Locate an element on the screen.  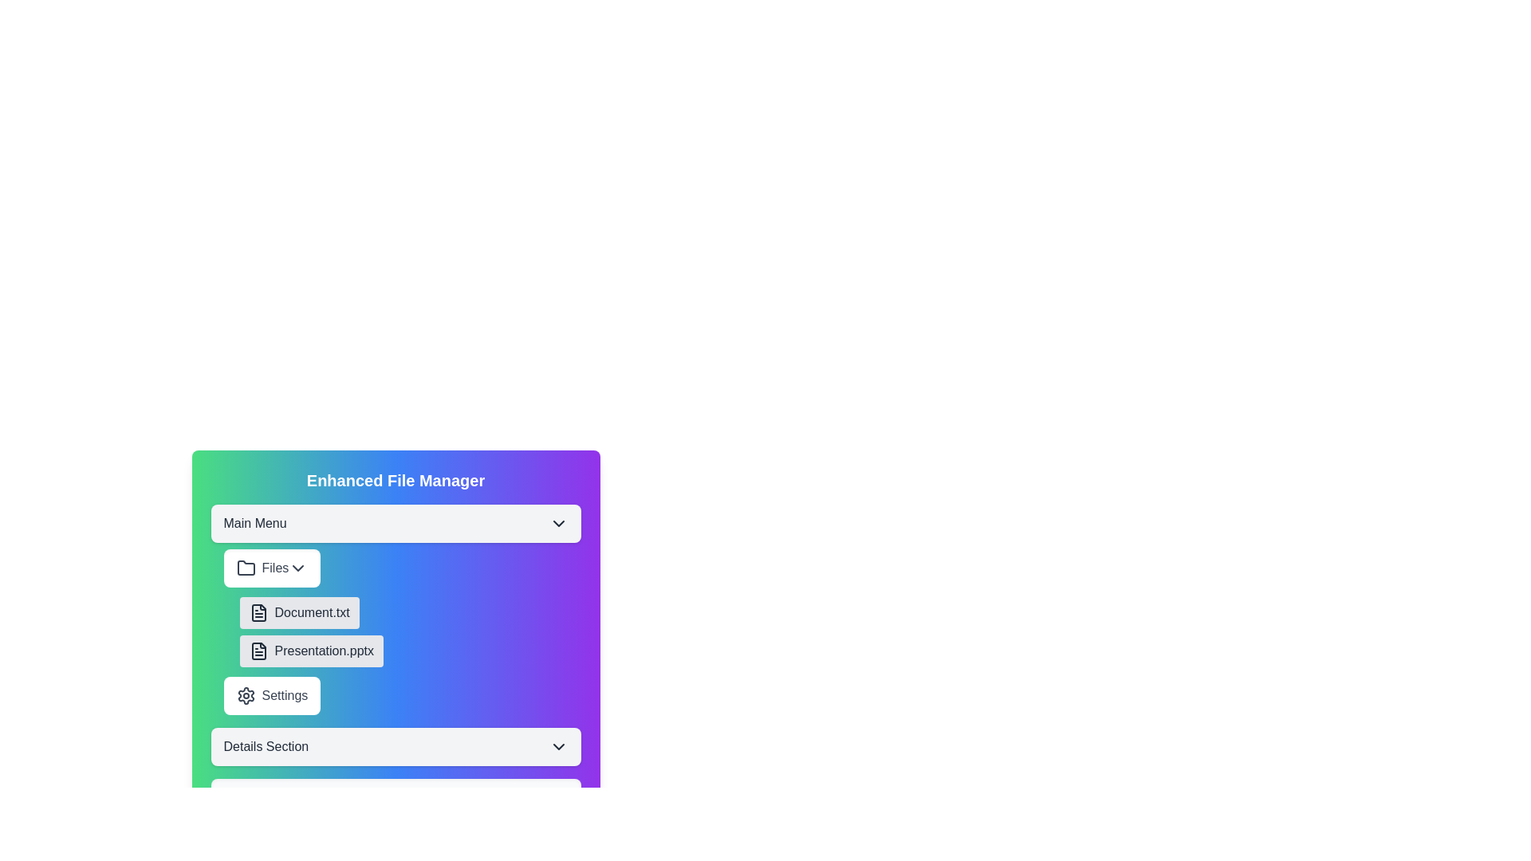
the button labeled 'Presentation.pptx' is located at coordinates (311, 651).